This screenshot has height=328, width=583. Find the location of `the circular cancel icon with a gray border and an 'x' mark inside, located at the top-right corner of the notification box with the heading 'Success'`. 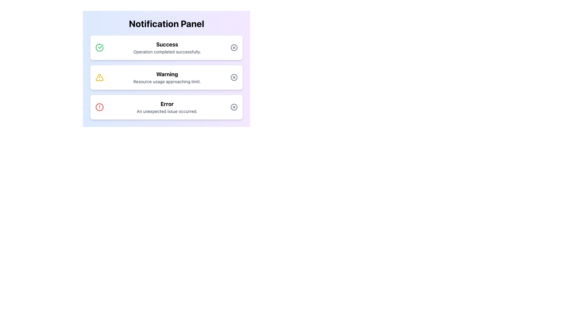

the circular cancel icon with a gray border and an 'x' mark inside, located at the top-right corner of the notification box with the heading 'Success' is located at coordinates (234, 47).